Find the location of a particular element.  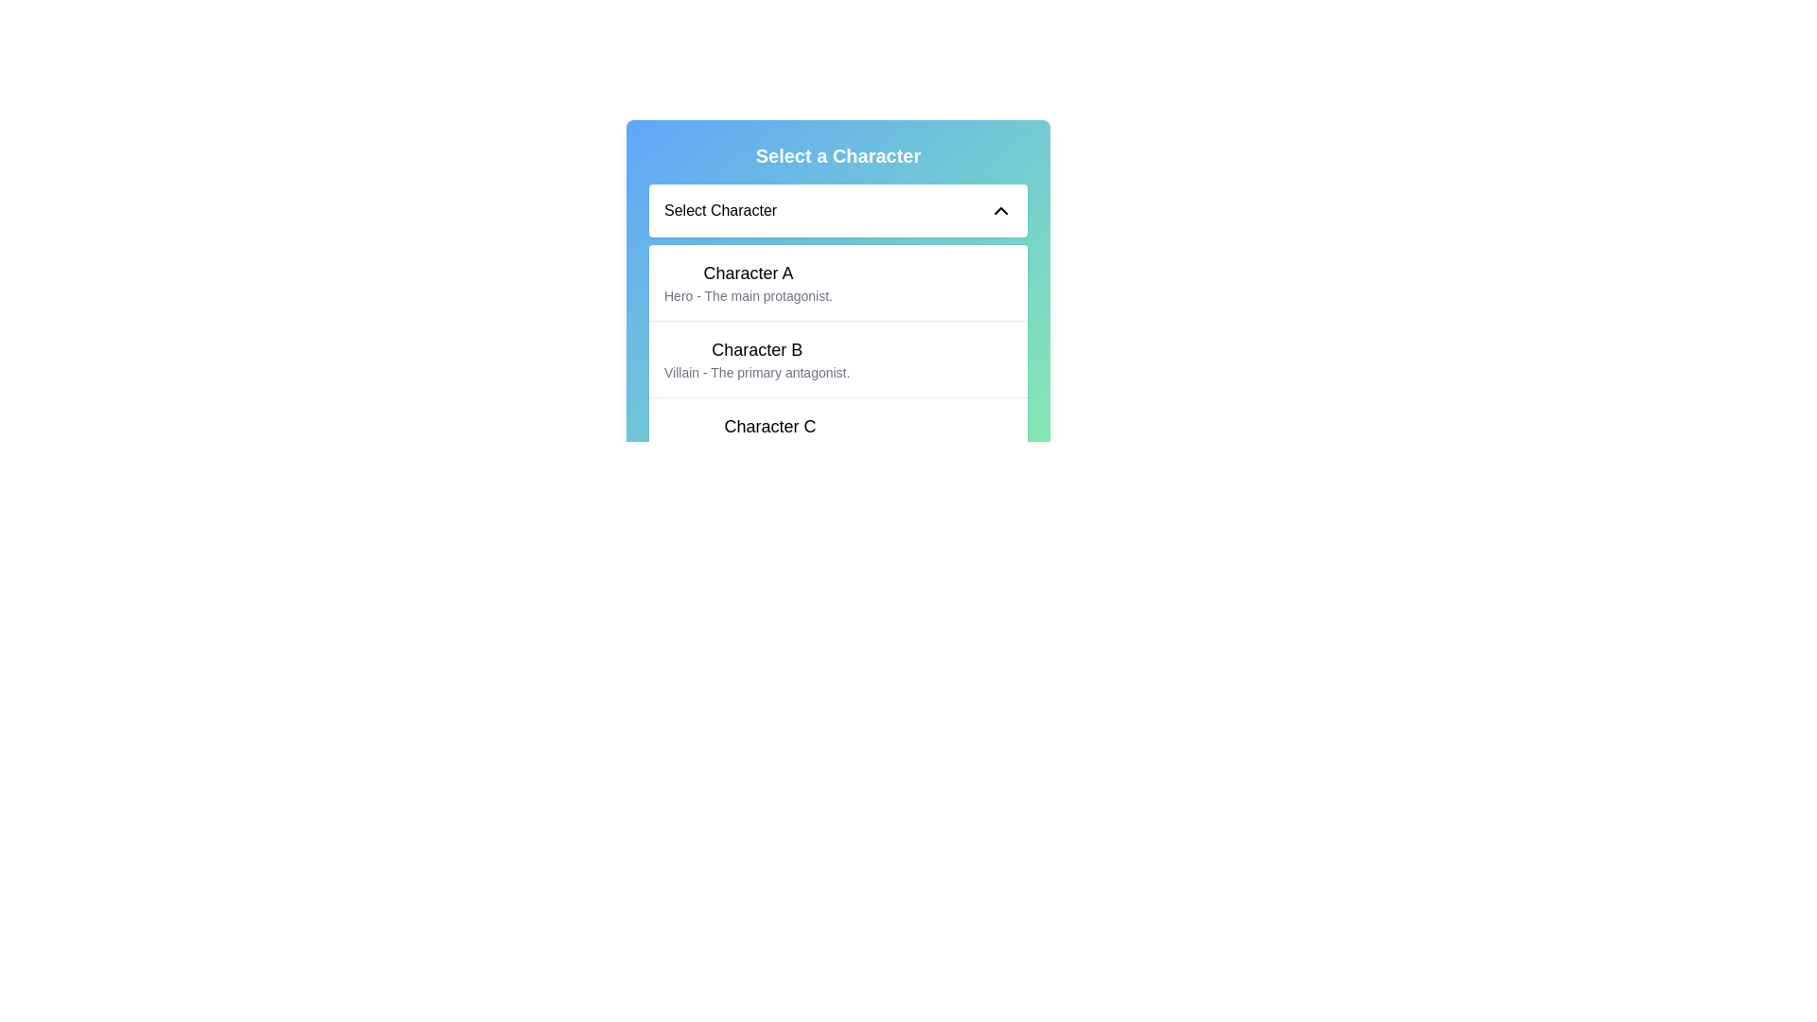

to select the dropdown list item displaying 'Character C' which is the third item under 'Select a Character' is located at coordinates (838, 434).